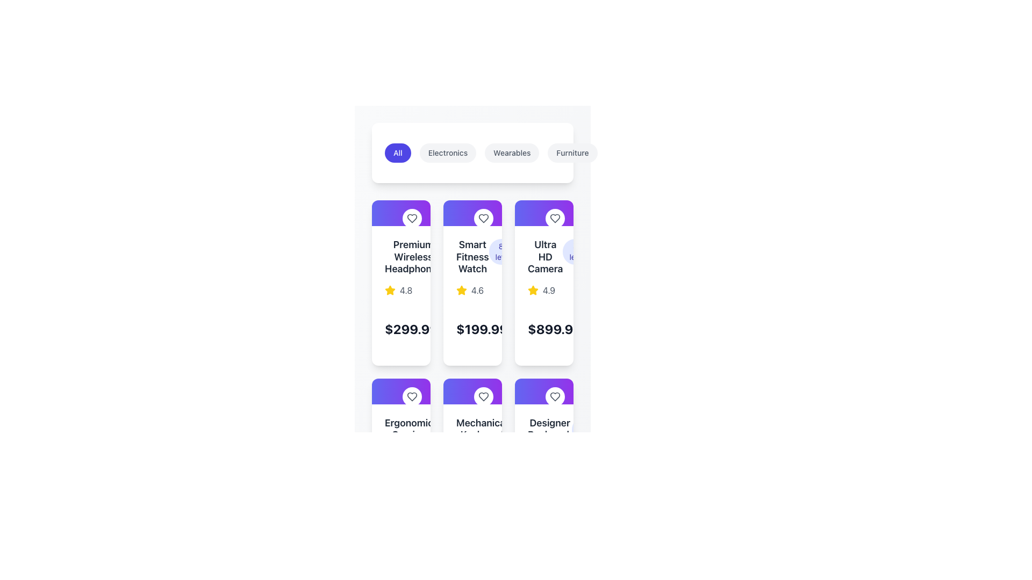 This screenshot has height=580, width=1032. I want to click on the 'Designer Backpack' text label, which is located in the bottom-right product card above the stock availability information, so click(550, 428).